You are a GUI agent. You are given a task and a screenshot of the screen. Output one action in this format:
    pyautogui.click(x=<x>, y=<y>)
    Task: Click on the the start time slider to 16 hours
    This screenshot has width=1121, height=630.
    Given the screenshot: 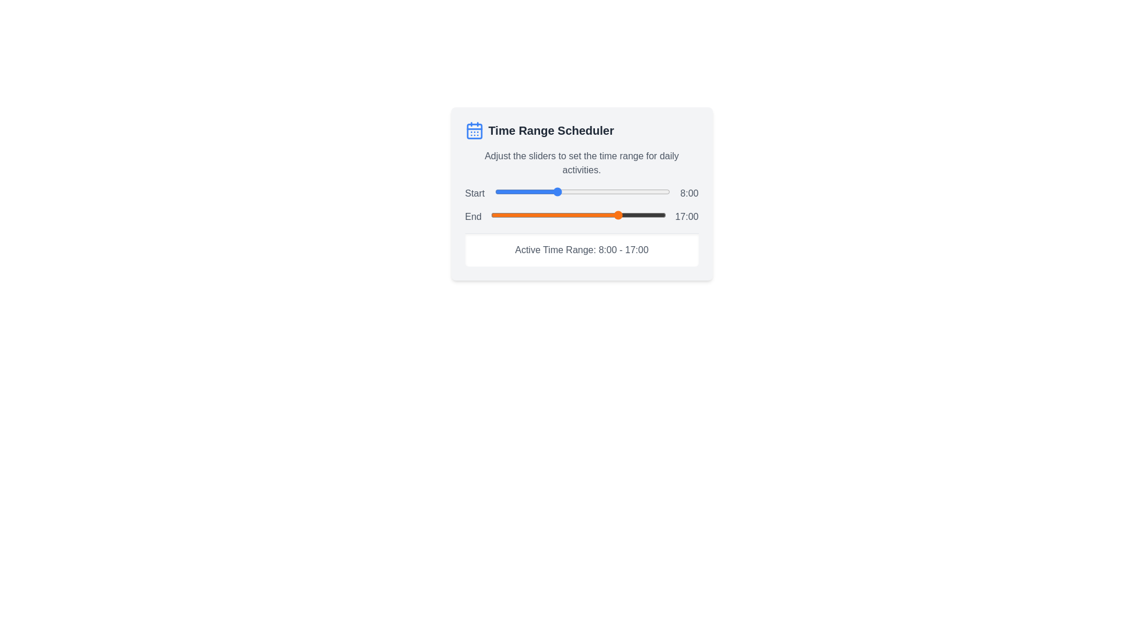 What is the action you would take?
    pyautogui.click(x=616, y=191)
    